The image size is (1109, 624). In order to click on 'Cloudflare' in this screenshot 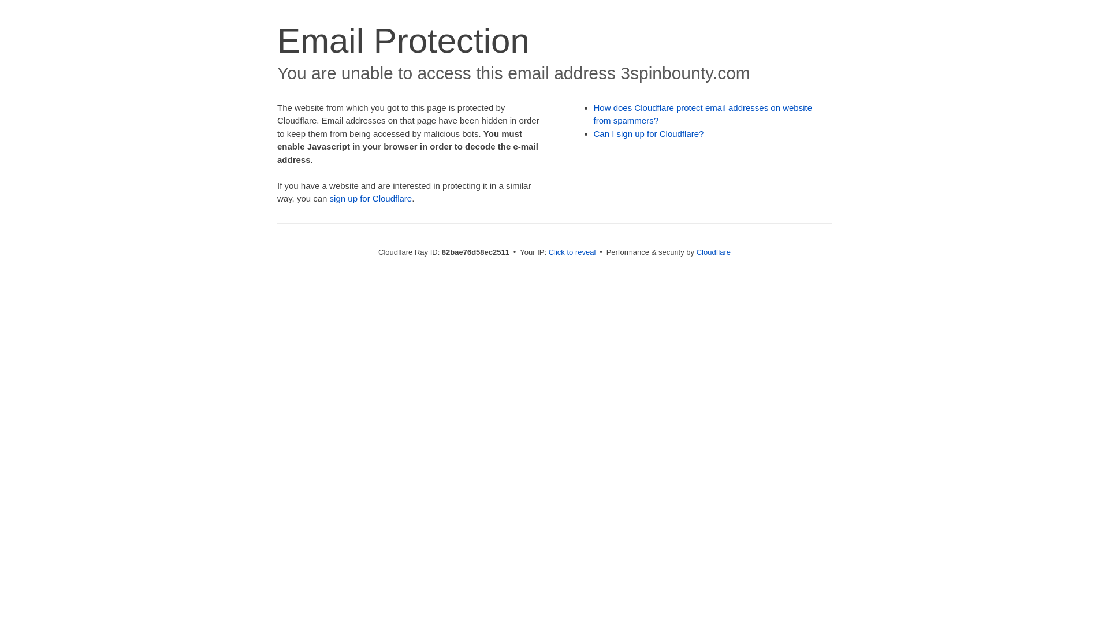, I will do `click(713, 251)`.